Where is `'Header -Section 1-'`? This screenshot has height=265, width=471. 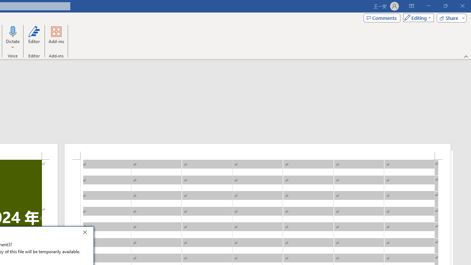
'Header -Section 1-' is located at coordinates (258, 151).